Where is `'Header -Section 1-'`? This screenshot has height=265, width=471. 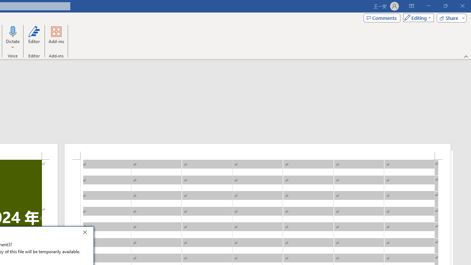
'Header -Section 1-' is located at coordinates (258, 151).